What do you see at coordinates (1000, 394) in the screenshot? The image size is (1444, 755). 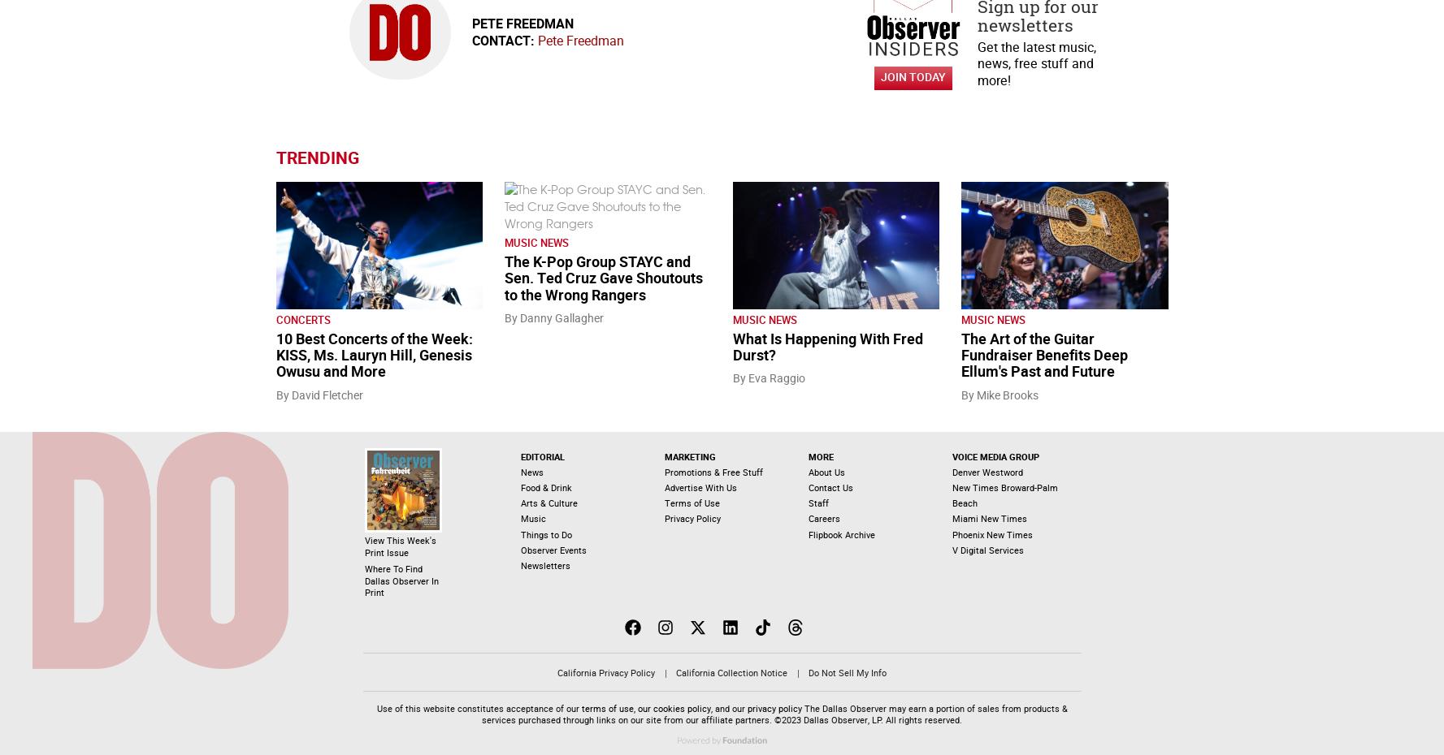 I see `'By Mike Brooks'` at bounding box center [1000, 394].